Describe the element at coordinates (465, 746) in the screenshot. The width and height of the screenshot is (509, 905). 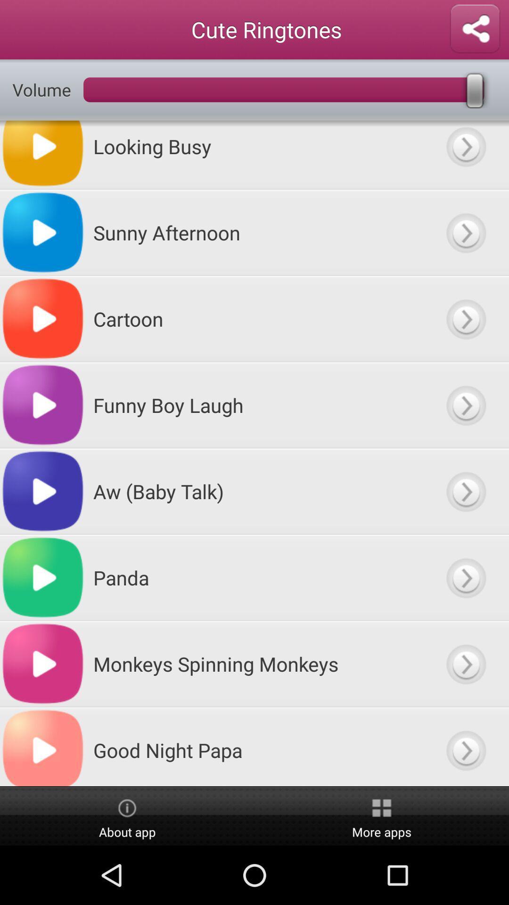
I see `previous button` at that location.